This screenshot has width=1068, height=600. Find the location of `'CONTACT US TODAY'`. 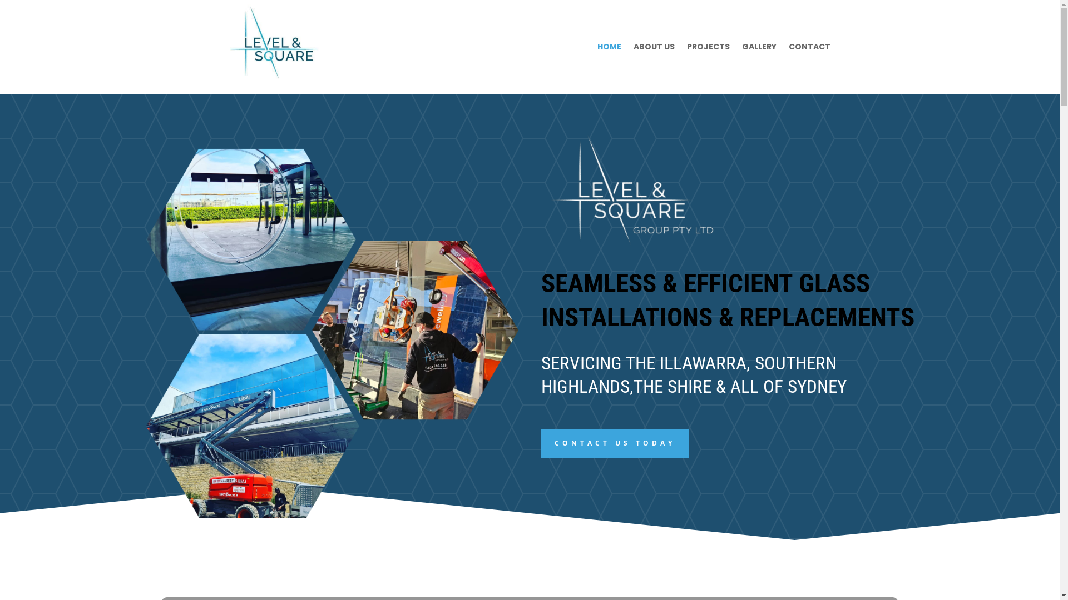

'CONTACT US TODAY' is located at coordinates (541, 443).